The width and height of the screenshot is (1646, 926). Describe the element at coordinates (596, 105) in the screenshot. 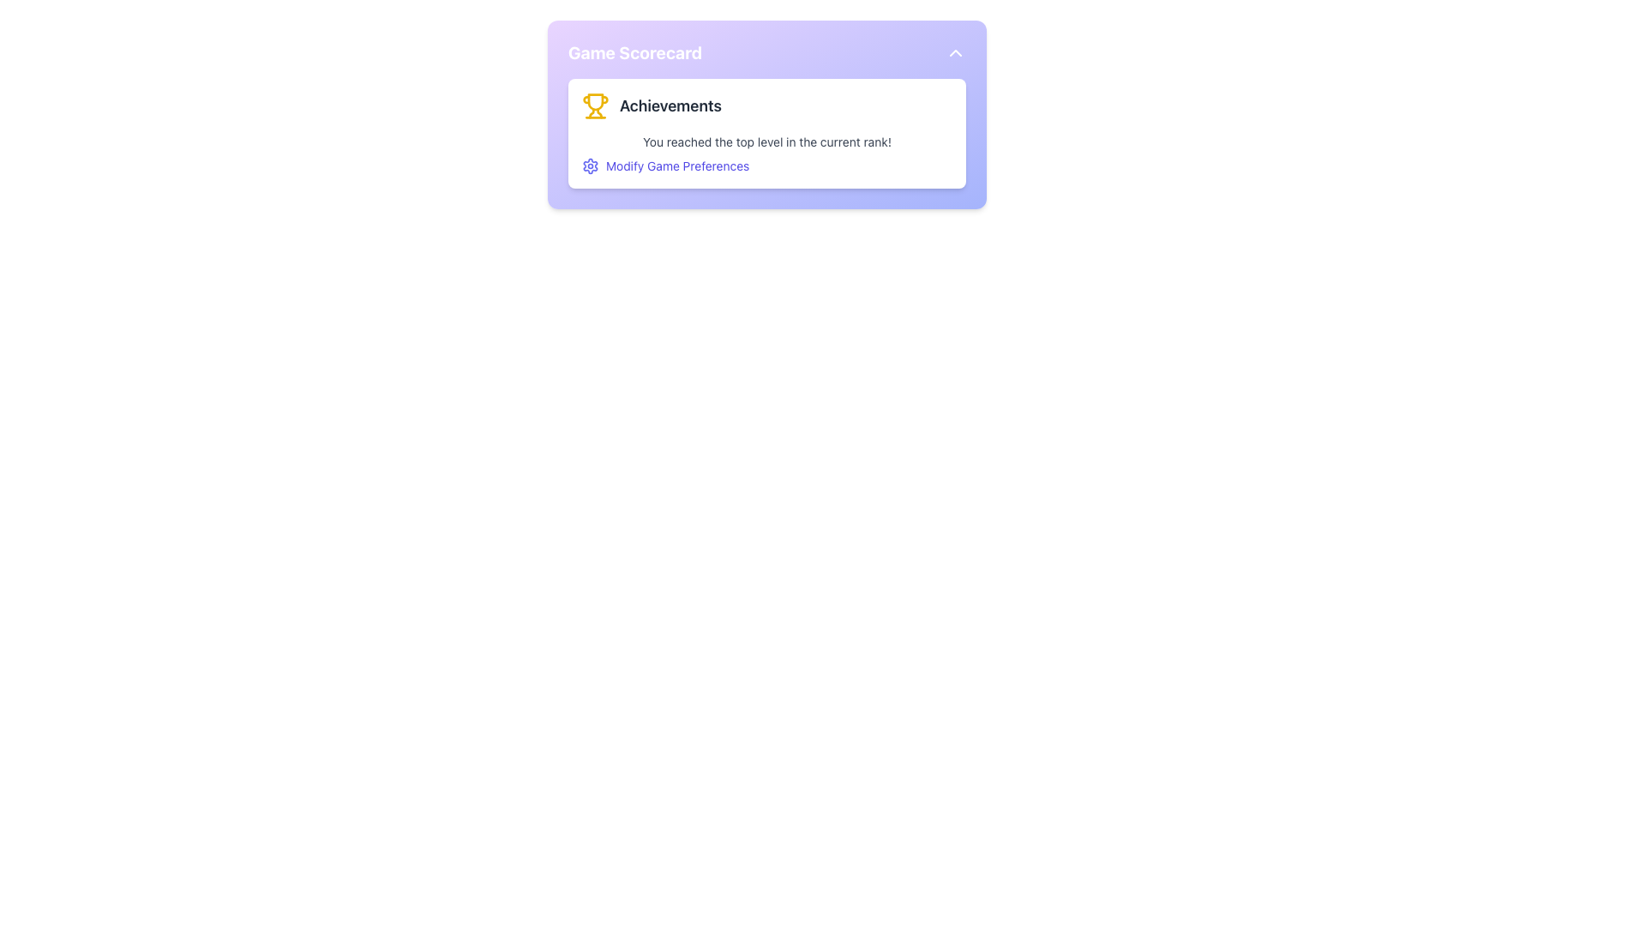

I see `the achievements icon located to the left of the 'Achievements' text in the user interface` at that location.